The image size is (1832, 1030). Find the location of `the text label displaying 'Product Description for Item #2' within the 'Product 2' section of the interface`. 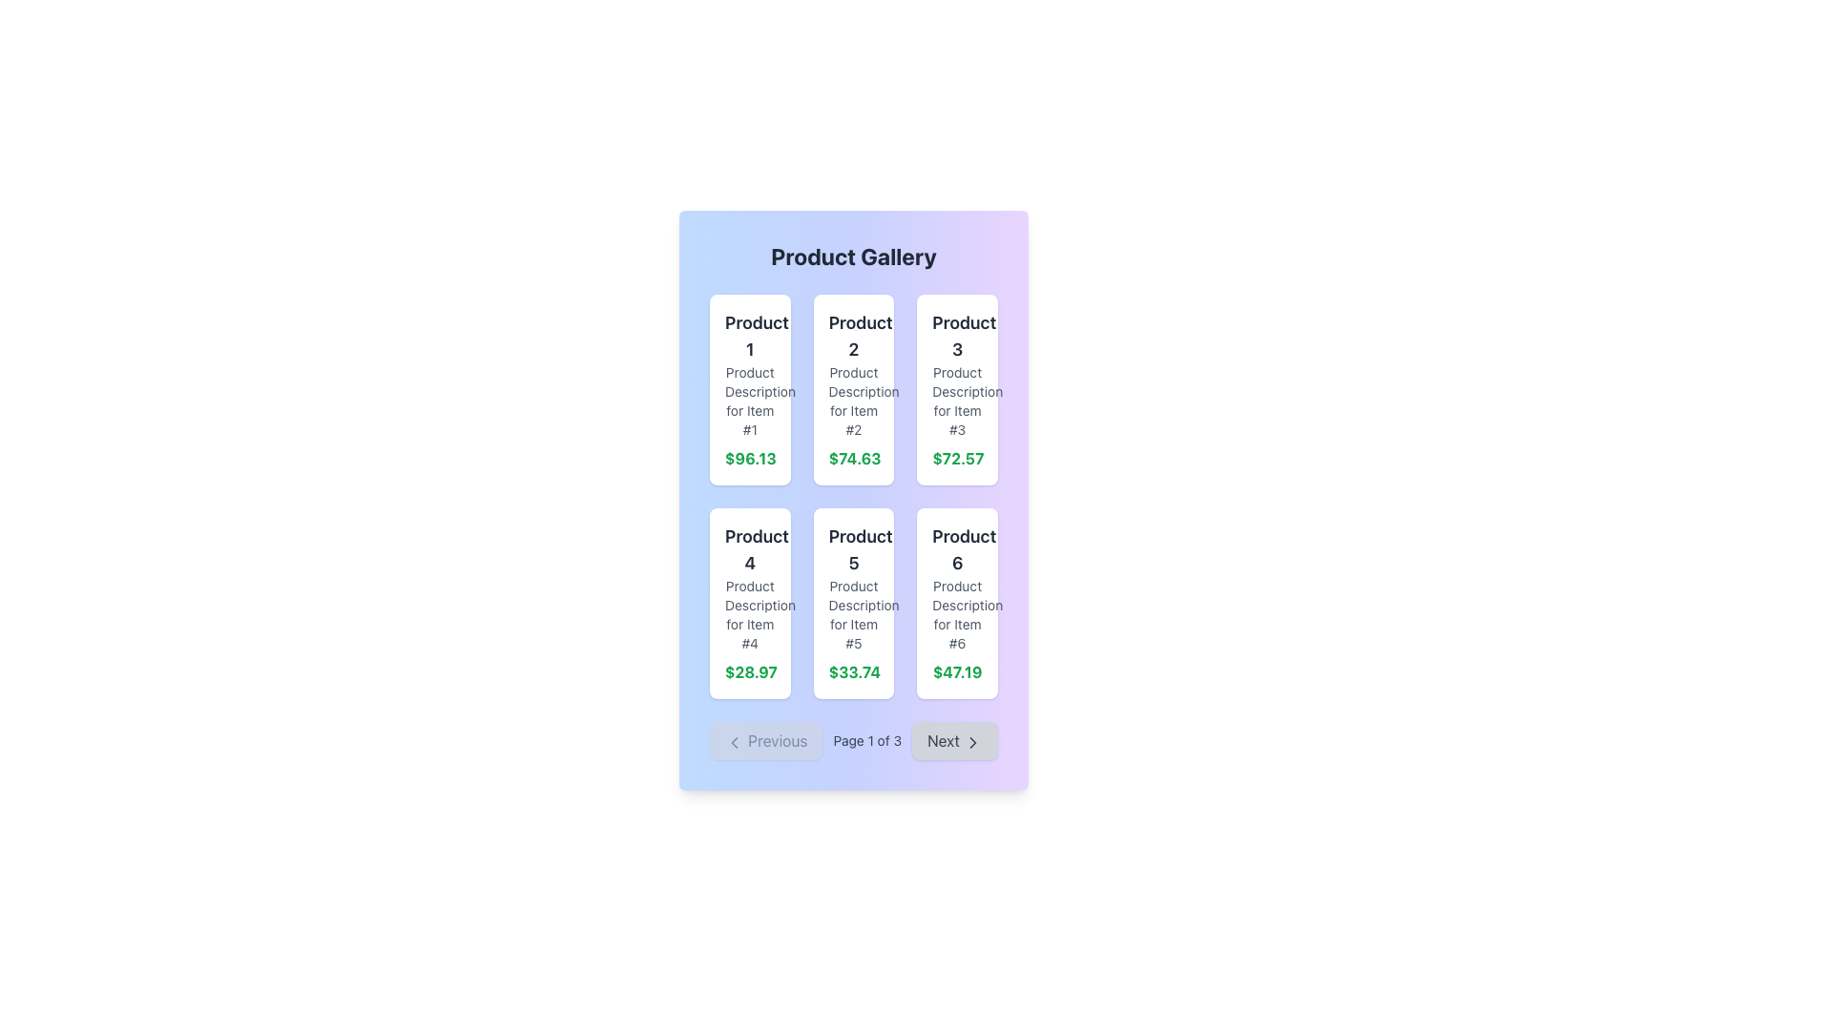

the text label displaying 'Product Description for Item #2' within the 'Product 2' section of the interface is located at coordinates (852, 400).